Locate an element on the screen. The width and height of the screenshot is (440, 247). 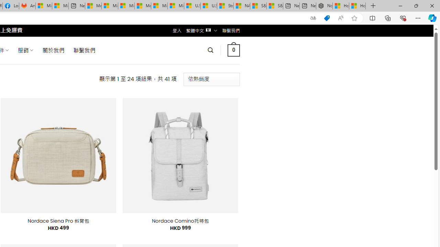
'Microsoft account | Home' is located at coordinates (126, 6).